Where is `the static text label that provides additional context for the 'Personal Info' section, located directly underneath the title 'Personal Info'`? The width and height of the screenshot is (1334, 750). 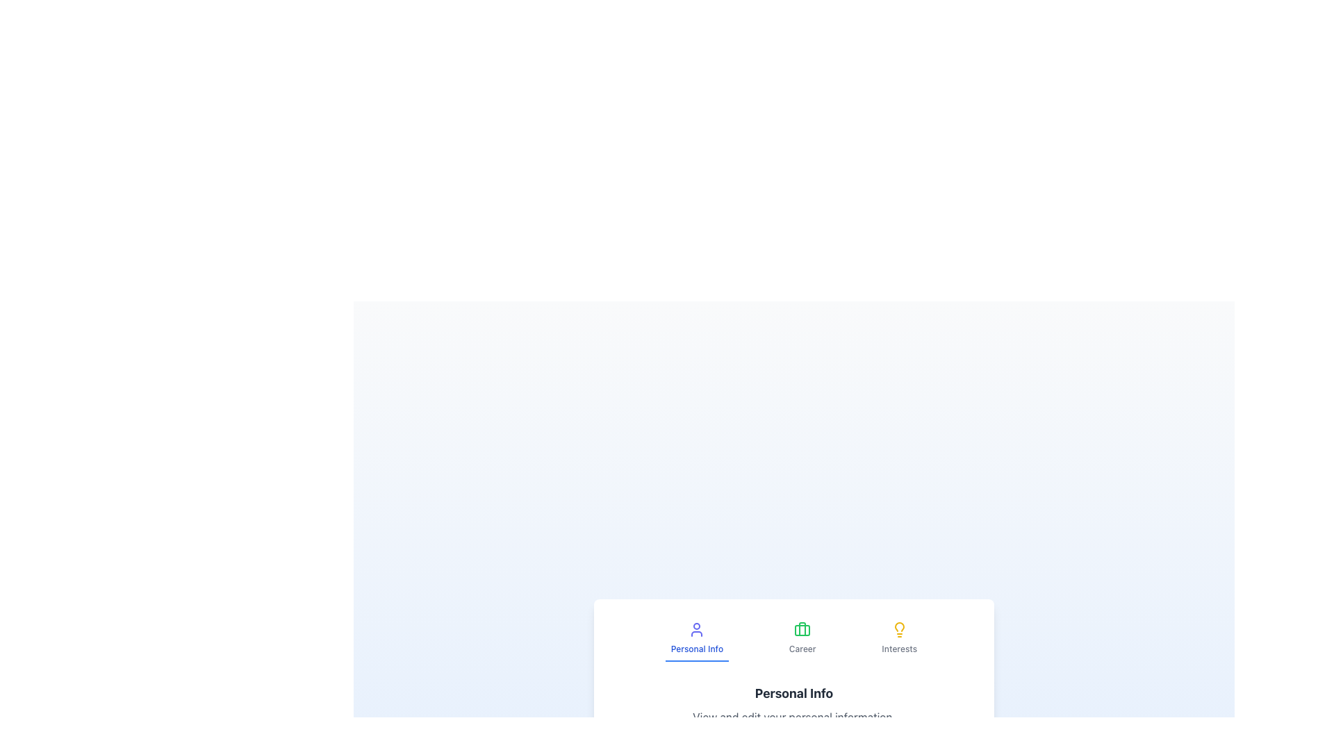 the static text label that provides additional context for the 'Personal Info' section, located directly underneath the title 'Personal Info' is located at coordinates (793, 717).